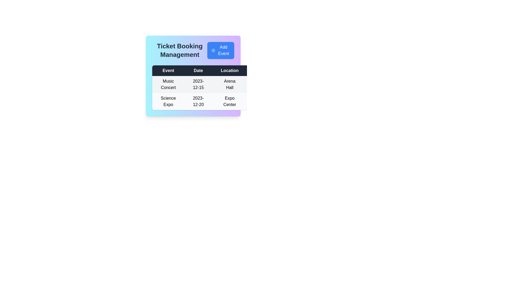 The width and height of the screenshot is (511, 287). I want to click on the static text element displaying '2023-12-15', located in the middle cell under the 'Date' column of the table, so click(198, 84).